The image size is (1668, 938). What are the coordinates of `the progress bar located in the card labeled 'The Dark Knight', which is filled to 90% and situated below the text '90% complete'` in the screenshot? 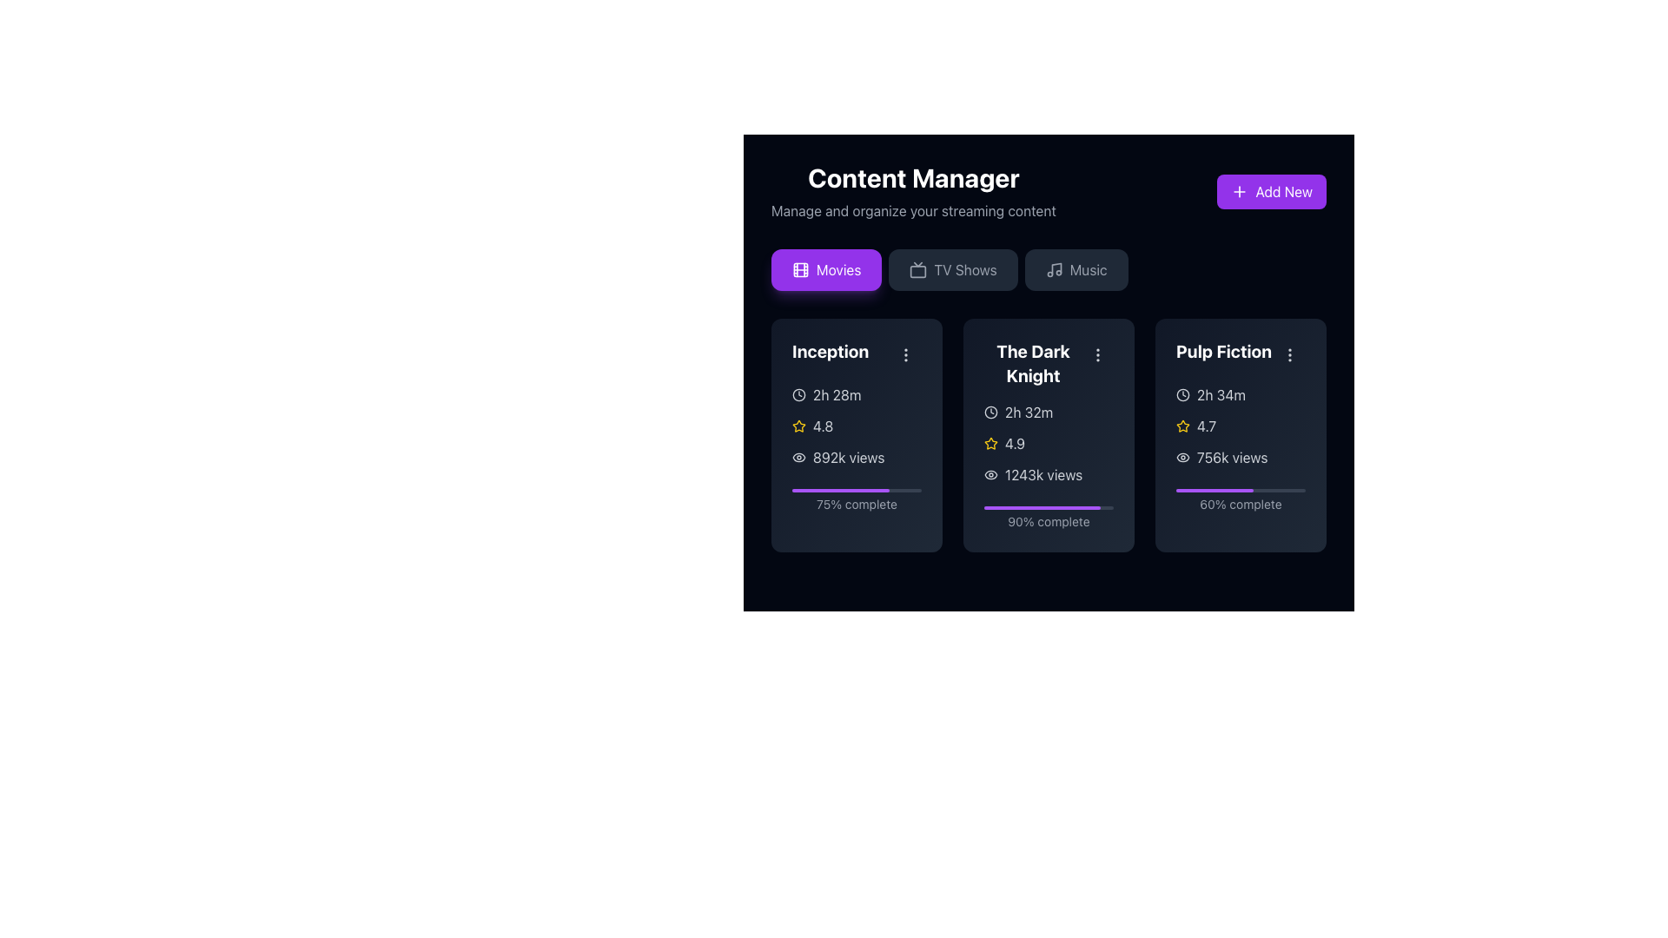 It's located at (1048, 508).